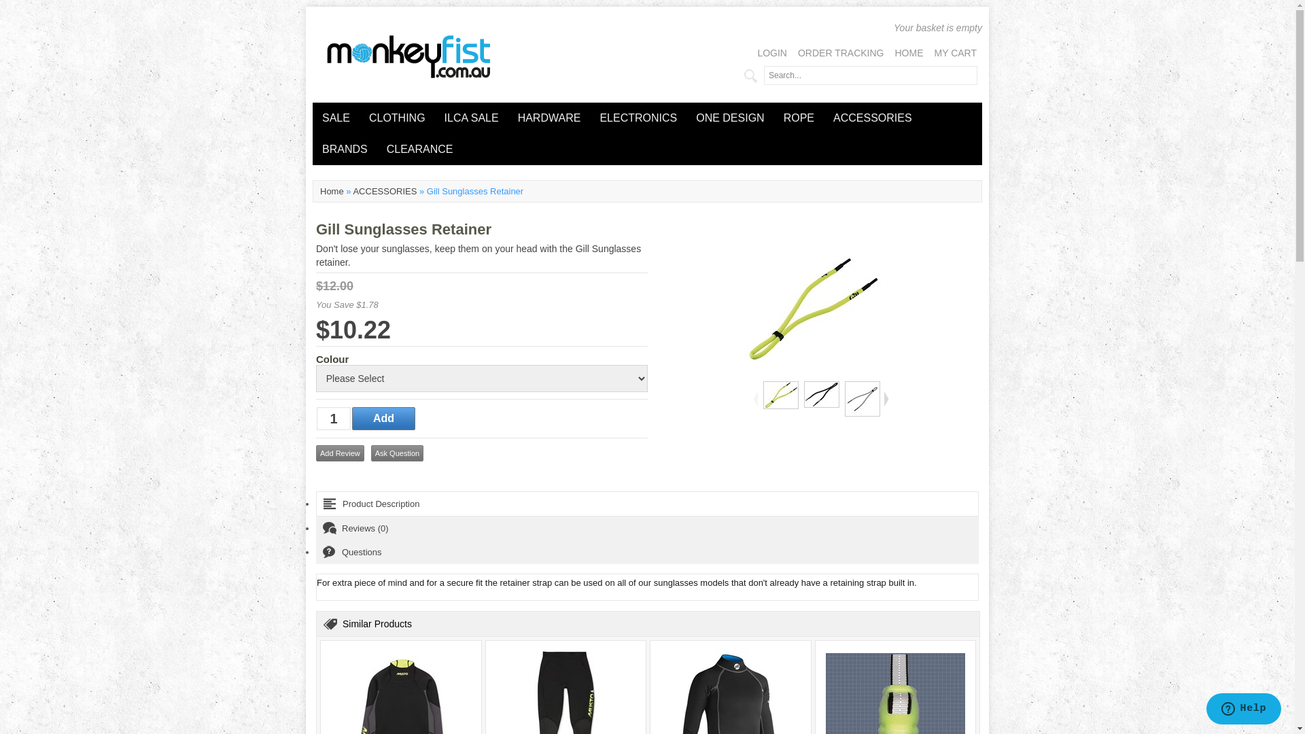 This screenshot has height=734, width=1305. I want to click on 'ACCESSORIES', so click(384, 191).